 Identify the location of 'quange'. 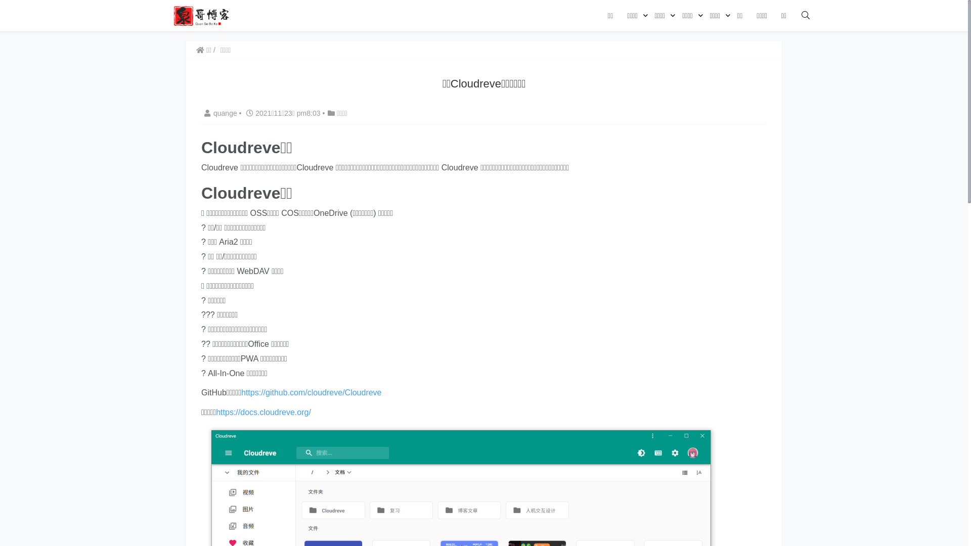
(219, 113).